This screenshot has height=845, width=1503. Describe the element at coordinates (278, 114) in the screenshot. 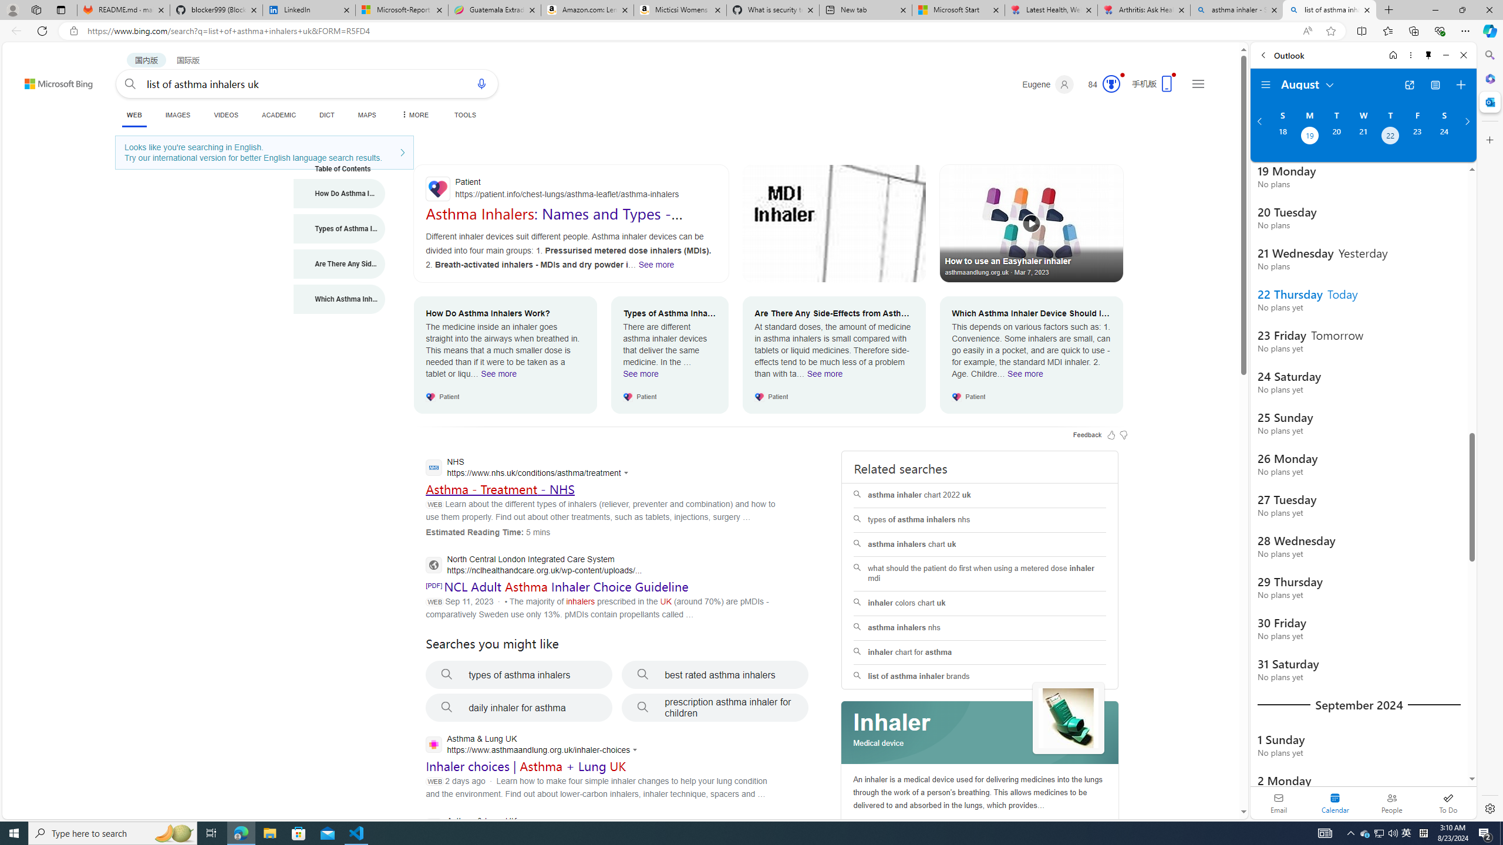

I see `'ACADEMIC'` at that location.